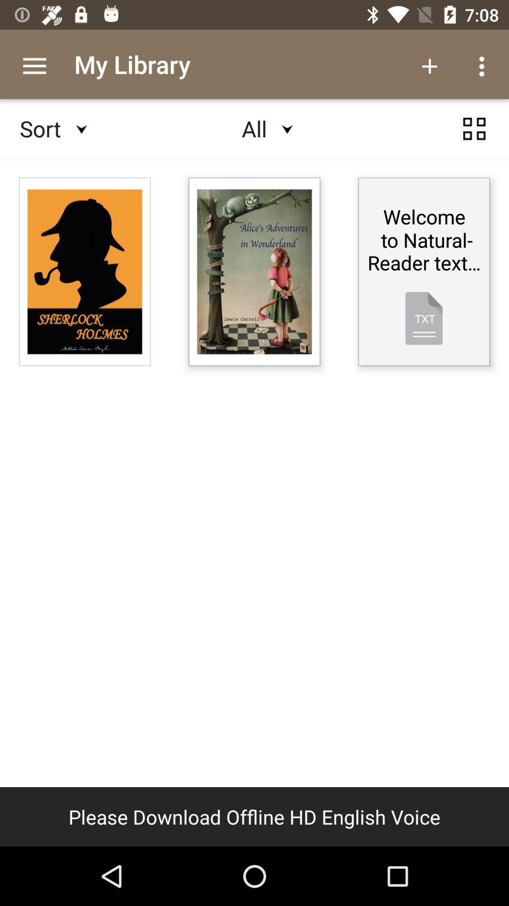 The height and width of the screenshot is (906, 509). I want to click on choose the selection, so click(474, 128).